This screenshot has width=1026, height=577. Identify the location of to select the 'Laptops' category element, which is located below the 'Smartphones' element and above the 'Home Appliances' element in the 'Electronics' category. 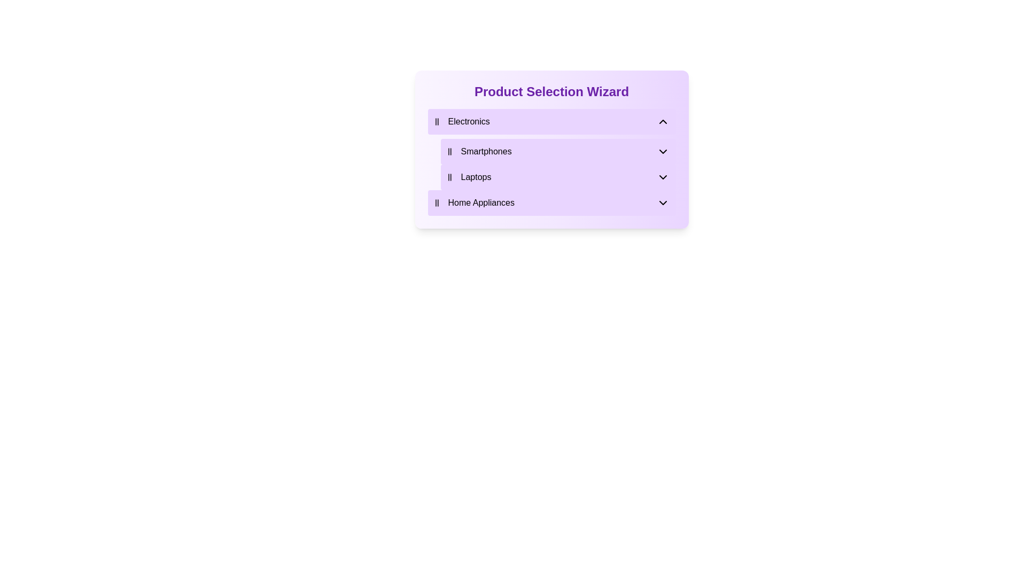
(557, 176).